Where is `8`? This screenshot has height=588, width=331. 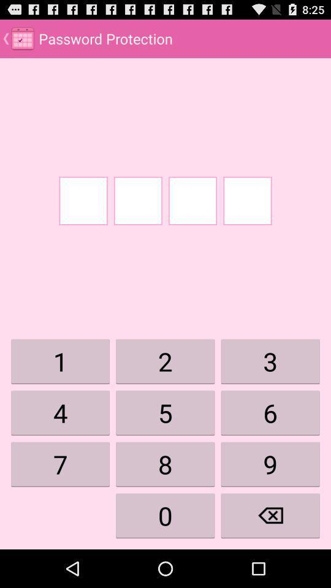 8 is located at coordinates (165, 464).